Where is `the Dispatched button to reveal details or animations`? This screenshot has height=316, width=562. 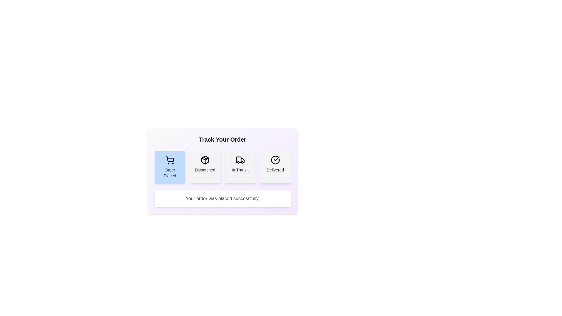
the Dispatched button to reveal details or animations is located at coordinates (205, 167).